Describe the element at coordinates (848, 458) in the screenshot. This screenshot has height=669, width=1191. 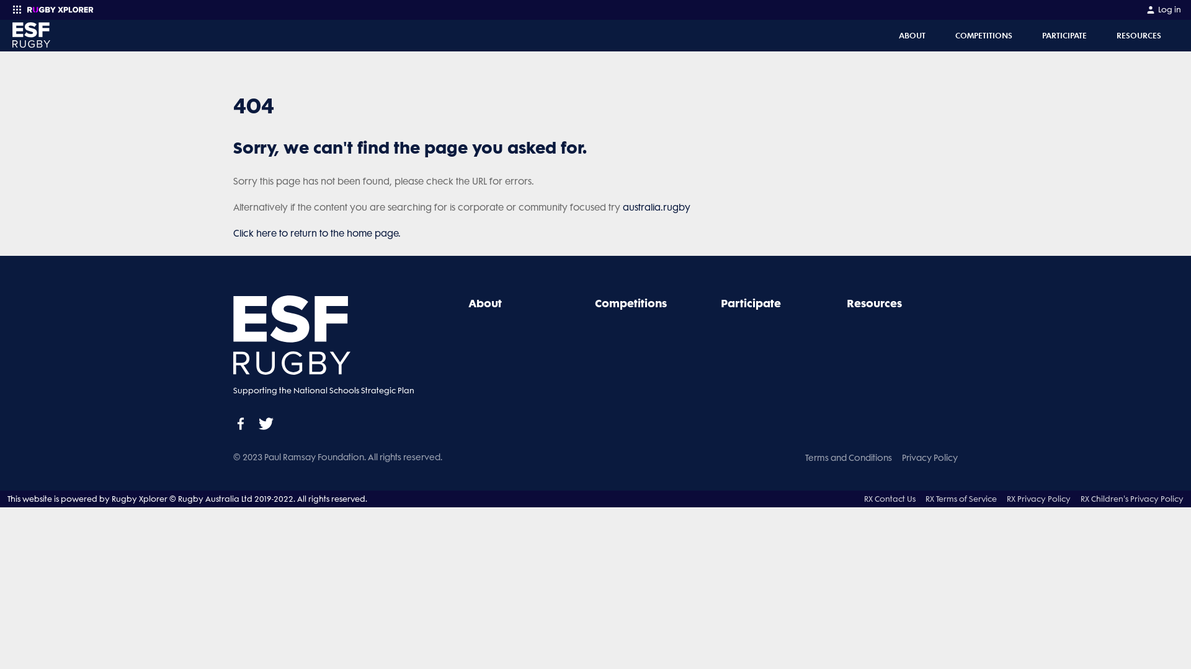
I see `'Terms and Conditions'` at that location.